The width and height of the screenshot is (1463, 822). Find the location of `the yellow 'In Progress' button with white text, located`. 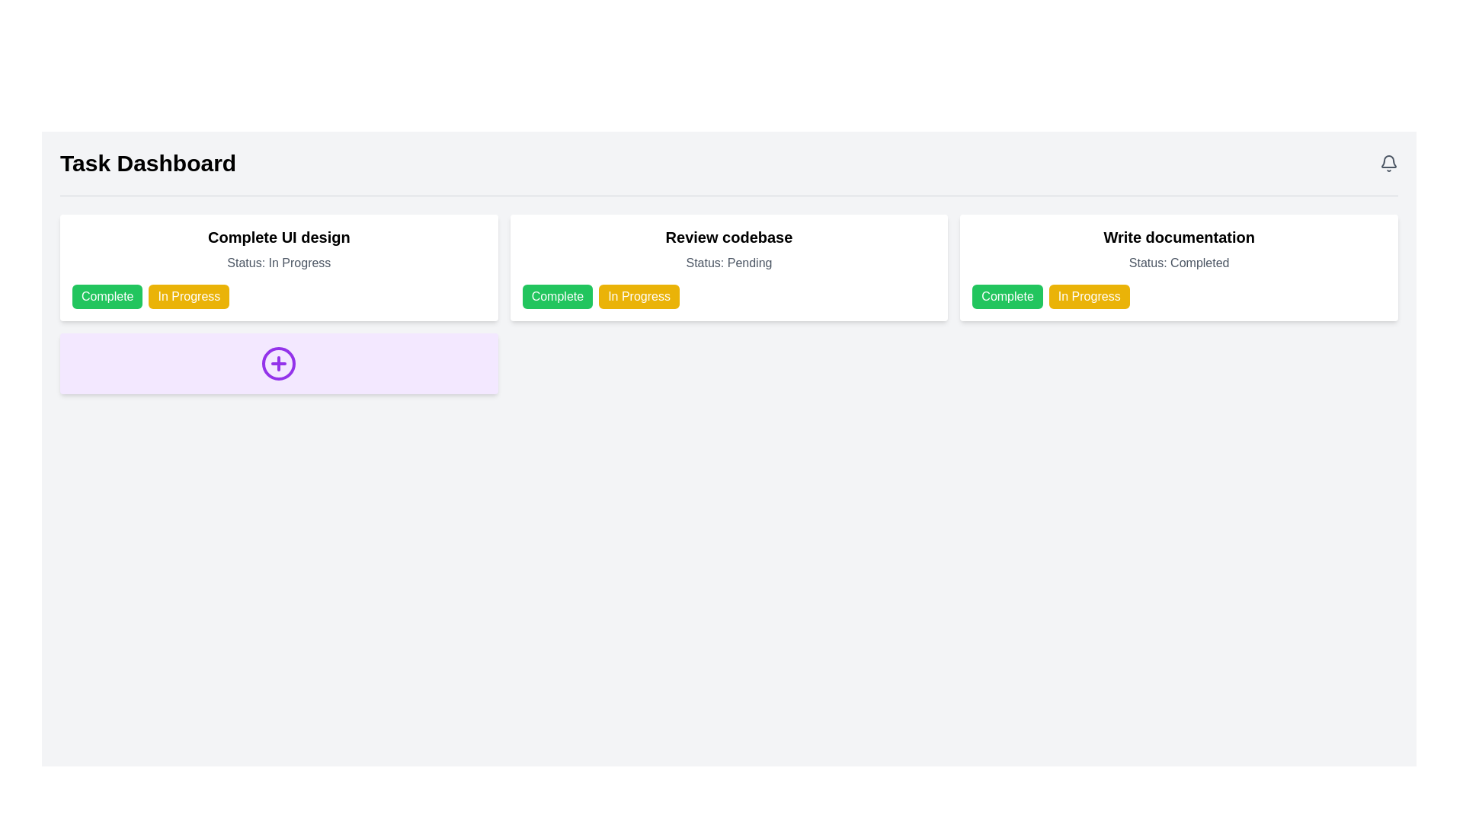

the yellow 'In Progress' button with white text, located is located at coordinates (1088, 296).